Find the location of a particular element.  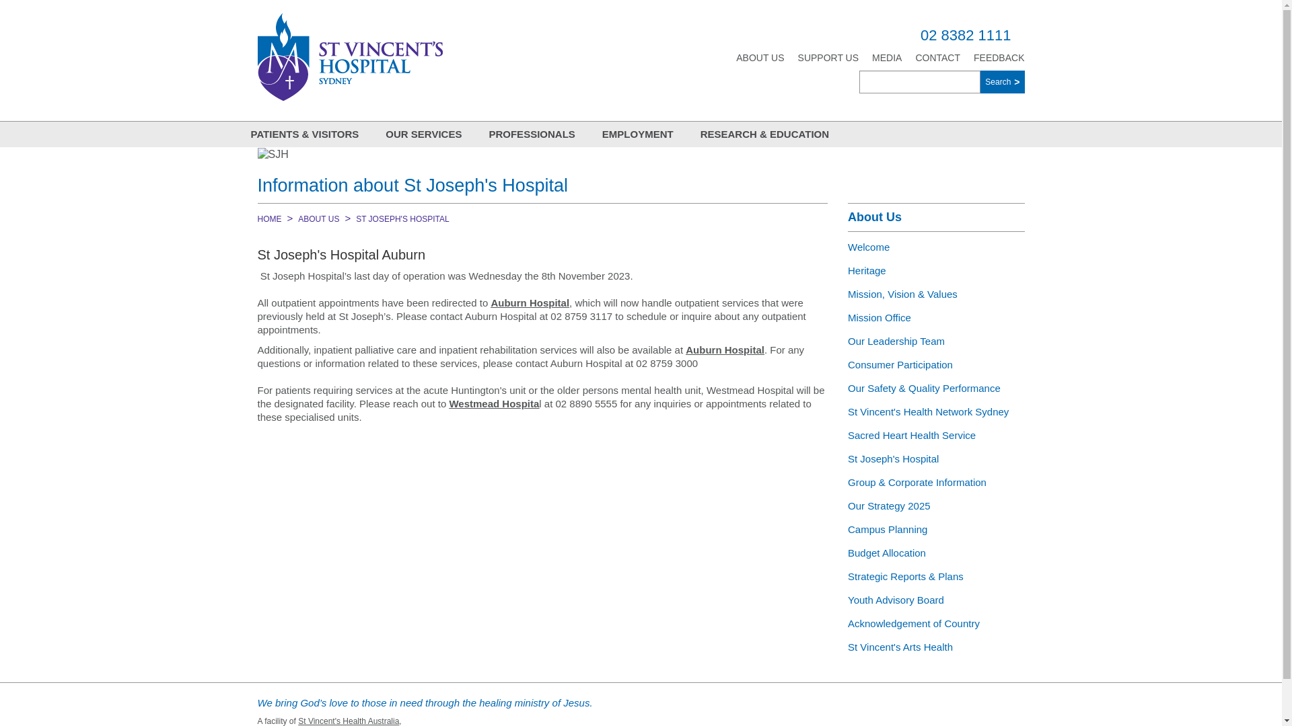

'St Vincent's Arts Health' is located at coordinates (935, 646).